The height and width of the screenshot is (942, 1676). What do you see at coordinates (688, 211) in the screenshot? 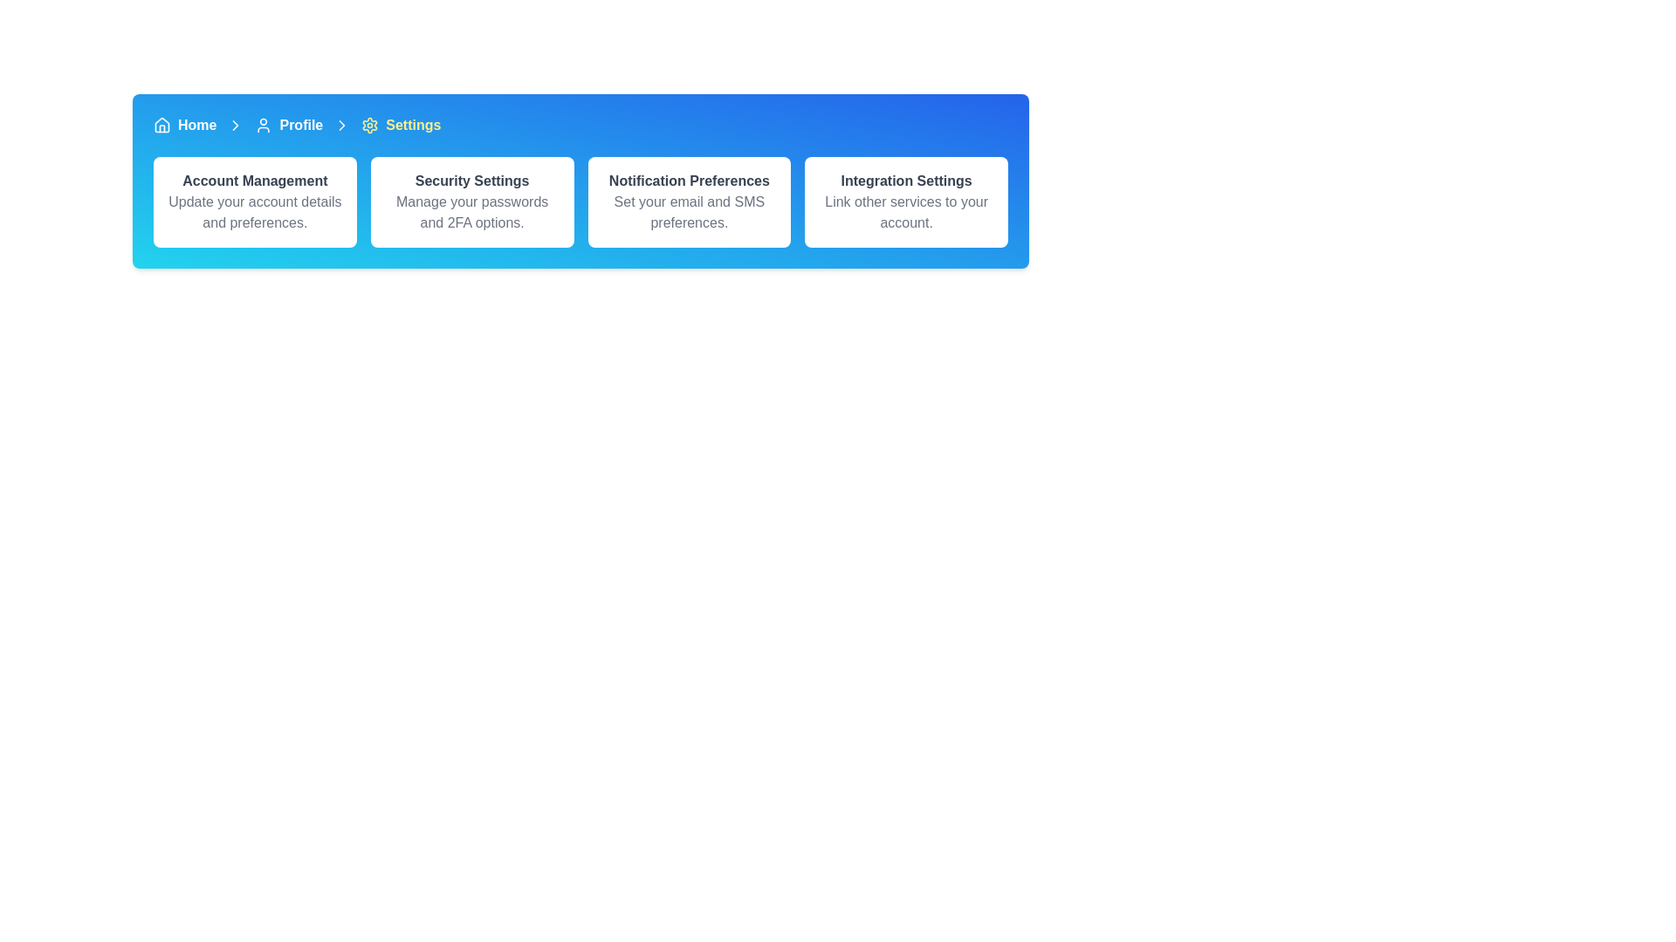
I see `the static text element displaying 'Set your email and SMS preferences.' located beneath the title 'Notification Preferences' in the third panel of a grid layout` at bounding box center [688, 211].